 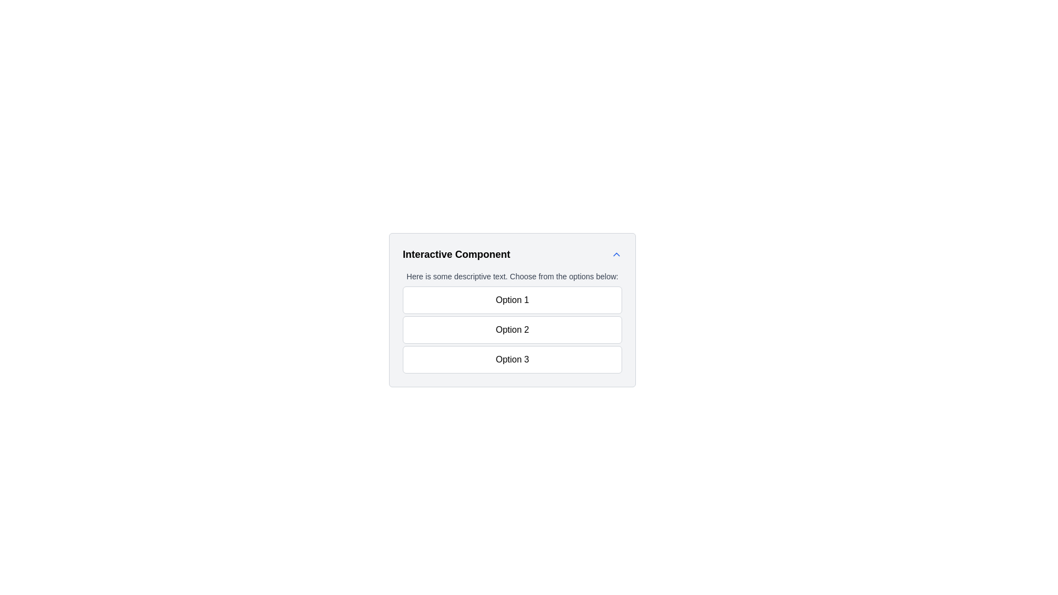 I want to click on descriptive text in the 'Interactive Component' located near the center of the interface, which includes three selectable options beneath the title, so click(x=512, y=322).